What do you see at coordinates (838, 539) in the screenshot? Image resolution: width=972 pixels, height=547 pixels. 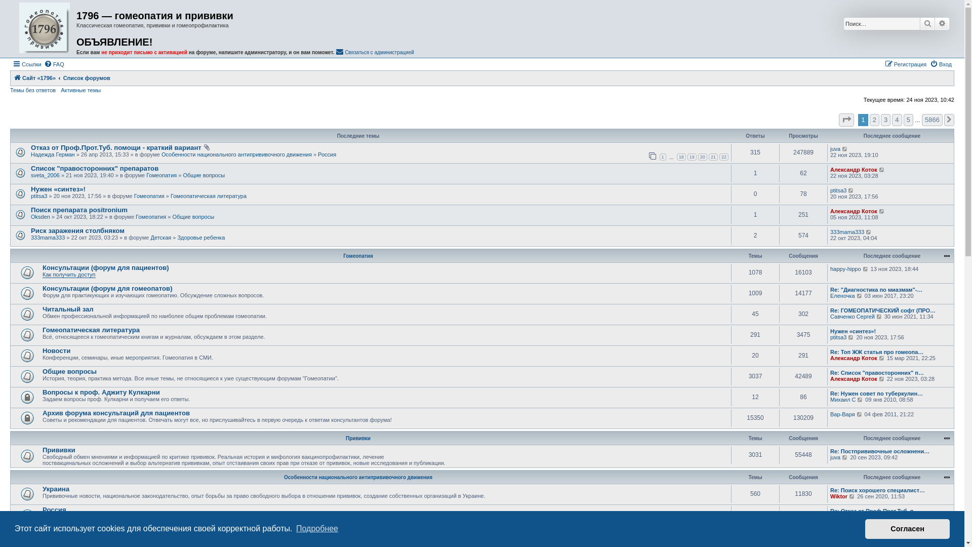 I see `'mitrula'` at bounding box center [838, 539].